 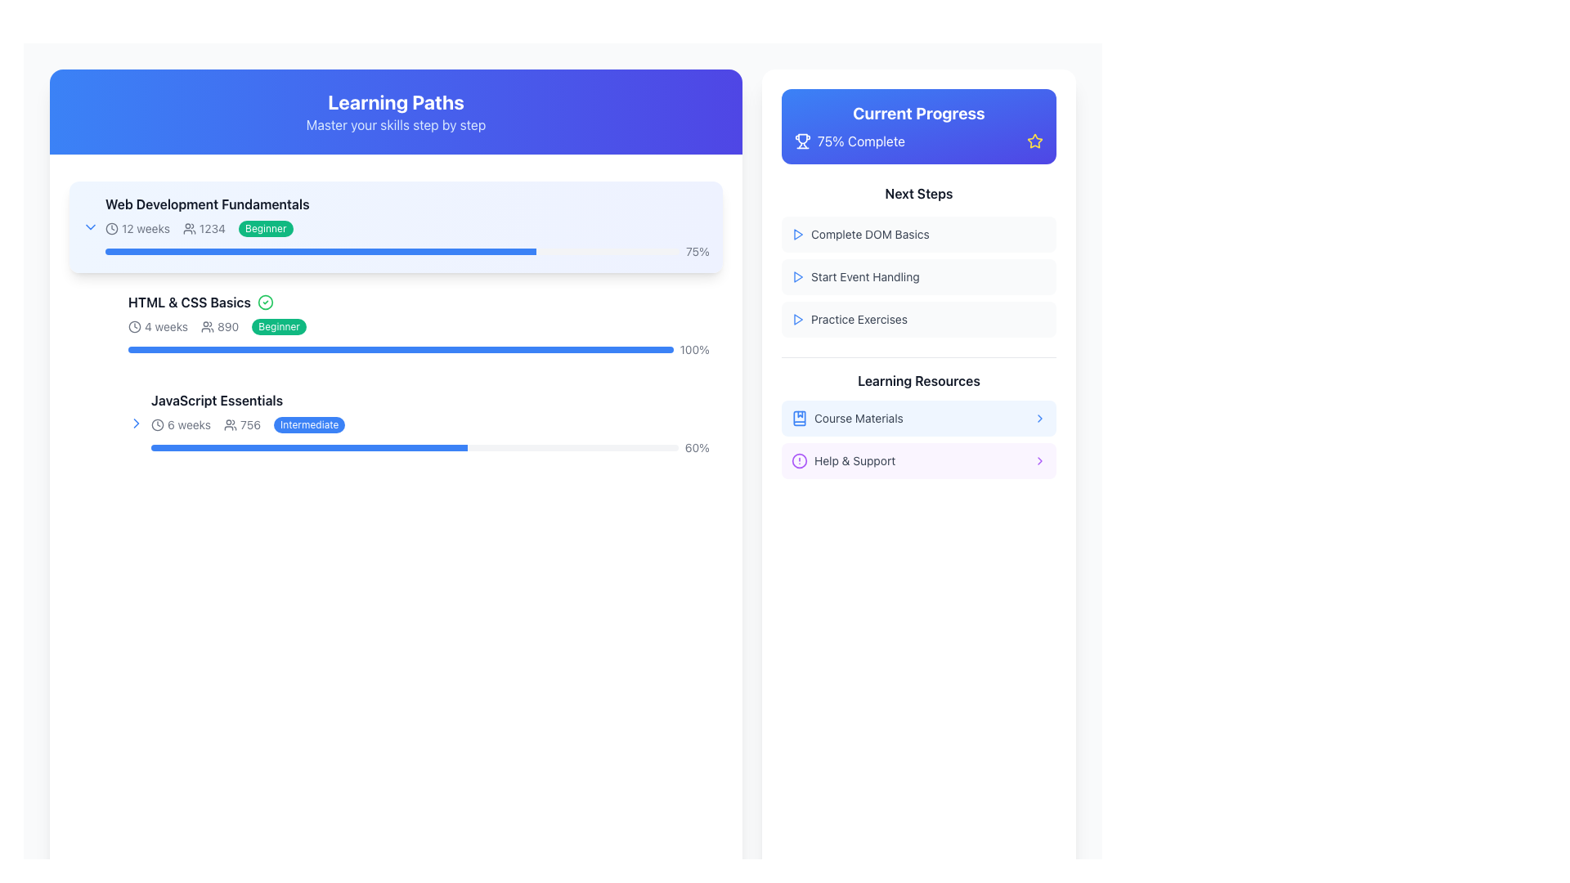 I want to click on the text label reading 'Help & Support' located at the bottom right of the interface under 'Learning Resources', so click(x=854, y=460).